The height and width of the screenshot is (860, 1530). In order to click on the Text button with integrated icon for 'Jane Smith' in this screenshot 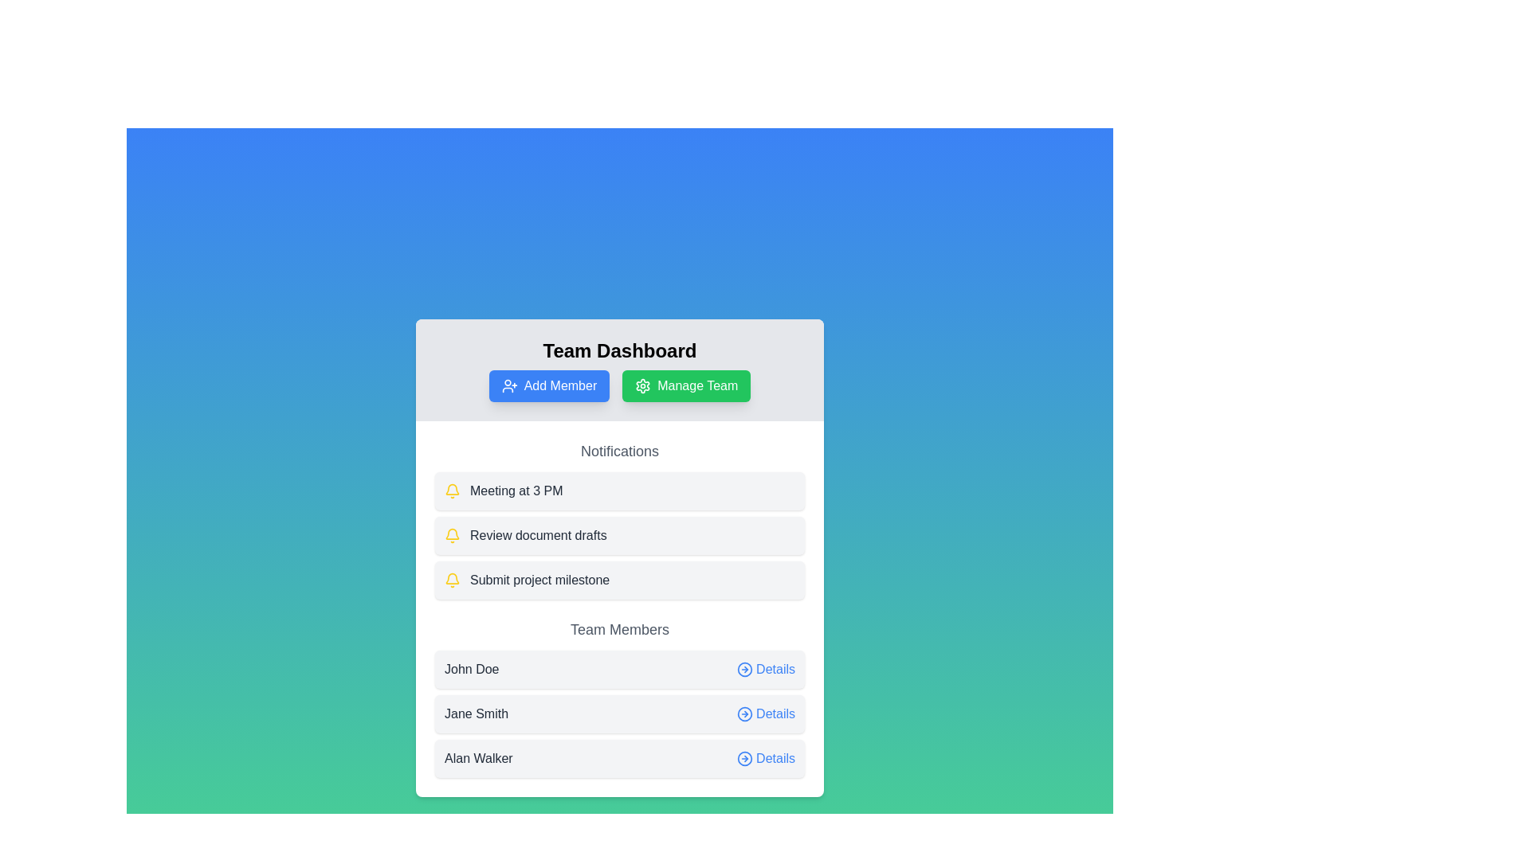, I will do `click(766, 713)`.